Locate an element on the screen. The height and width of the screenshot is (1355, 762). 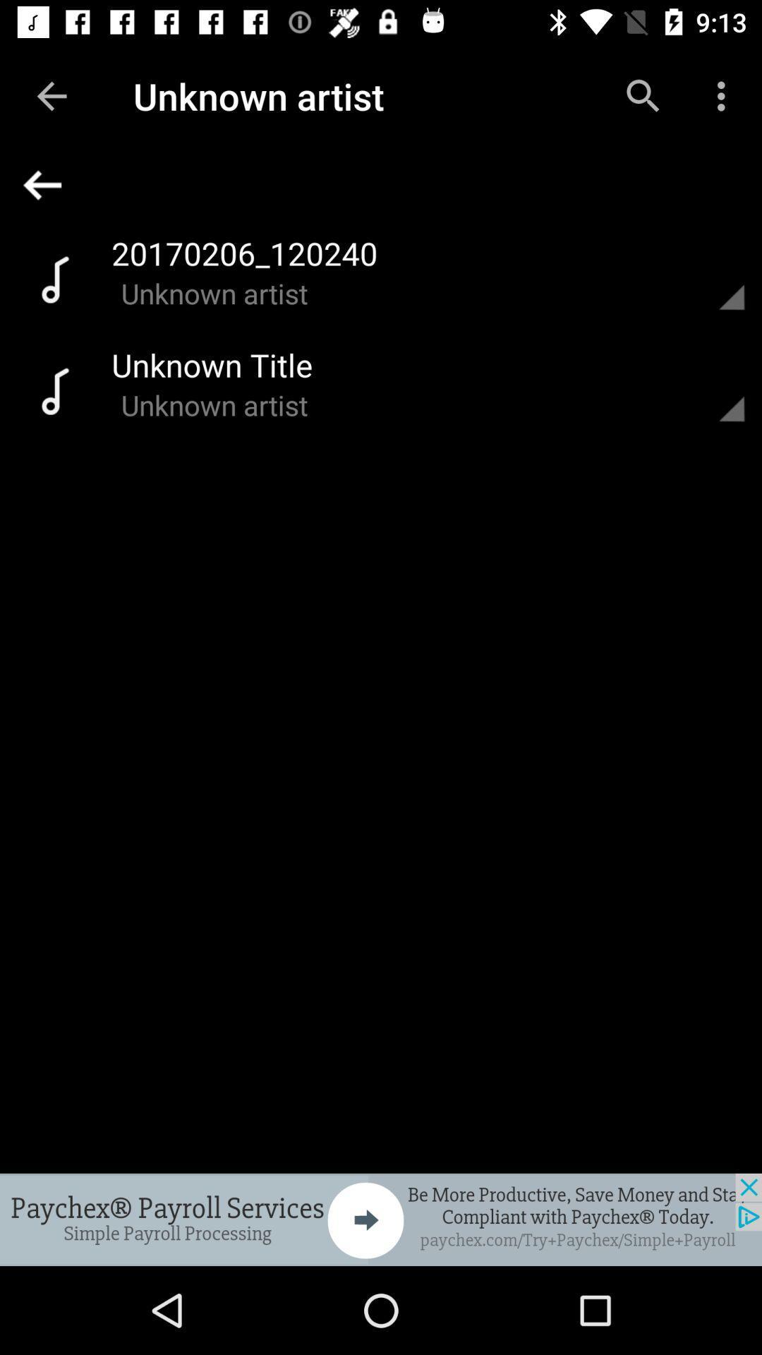
advertisement is located at coordinates (381, 1219).